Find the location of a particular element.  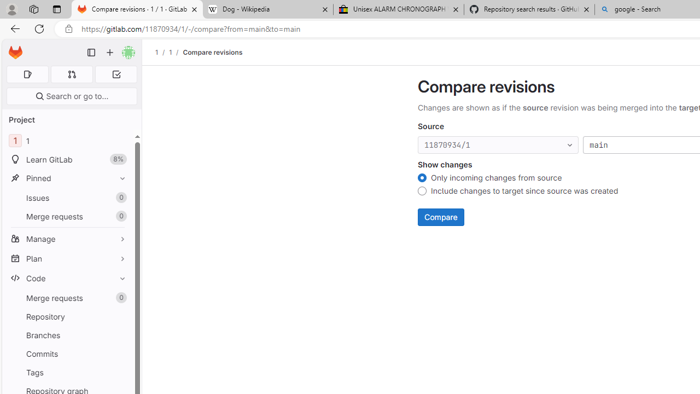

'To-Do list 0' is located at coordinates (116, 74).